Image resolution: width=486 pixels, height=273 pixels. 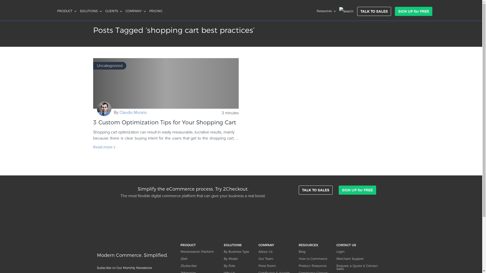 I want to click on 'COMPANY', so click(x=275, y=245).